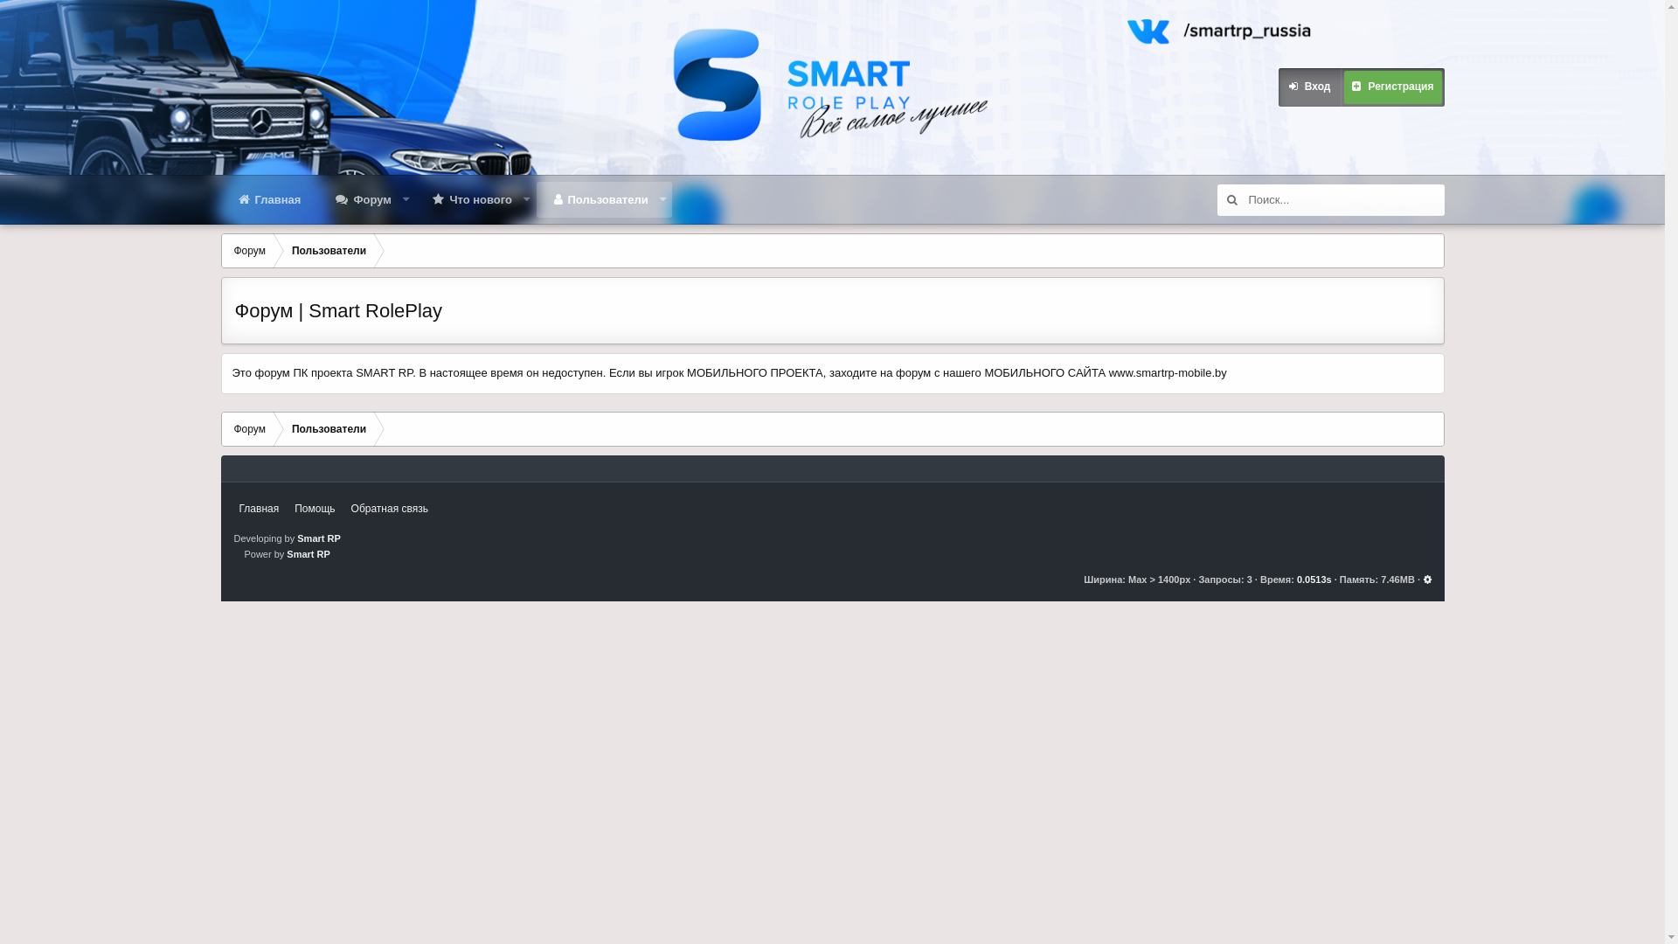 The width and height of the screenshot is (1678, 944). What do you see at coordinates (1314, 580) in the screenshot?
I see `'0.0513s'` at bounding box center [1314, 580].